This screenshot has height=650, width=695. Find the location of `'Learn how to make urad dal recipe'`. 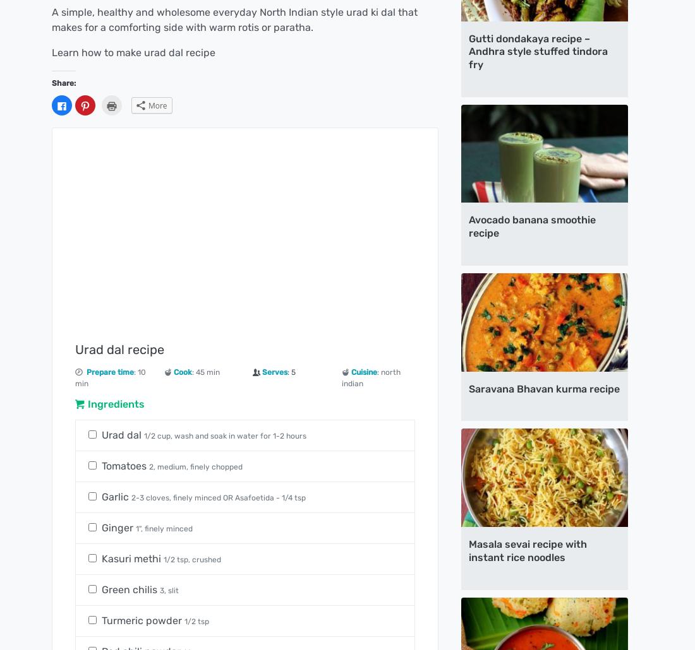

'Learn how to make urad dal recipe' is located at coordinates (133, 52).